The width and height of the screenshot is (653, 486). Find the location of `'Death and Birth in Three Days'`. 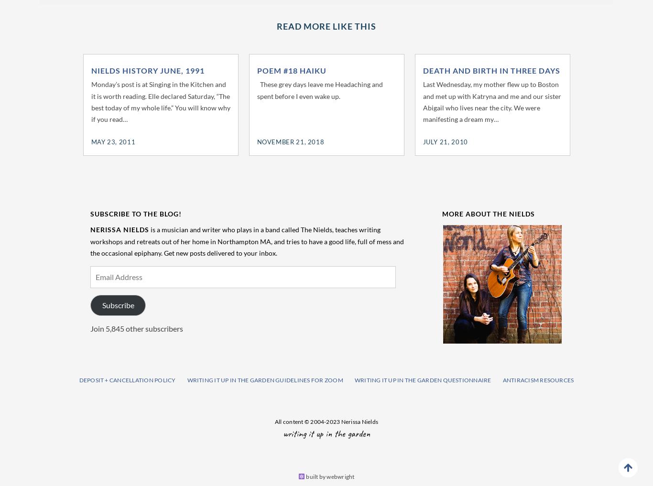

'Death and Birth in Three Days' is located at coordinates (490, 69).